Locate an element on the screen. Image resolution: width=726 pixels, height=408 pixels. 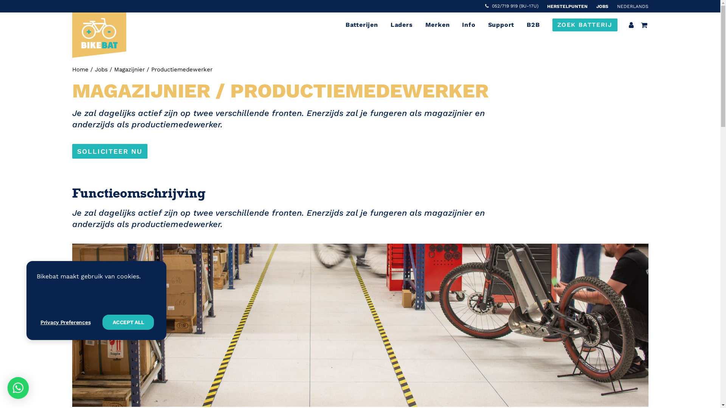
'ZOEK BATTERIJ' is located at coordinates (582, 24).